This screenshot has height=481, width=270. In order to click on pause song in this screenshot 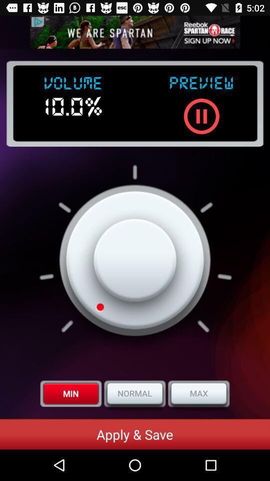, I will do `click(201, 116)`.